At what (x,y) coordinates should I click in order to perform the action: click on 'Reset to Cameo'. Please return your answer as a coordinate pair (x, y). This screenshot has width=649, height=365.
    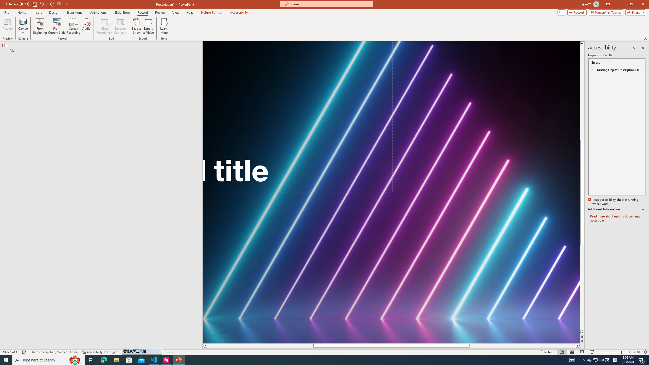
    Looking at the image, I should click on (120, 26).